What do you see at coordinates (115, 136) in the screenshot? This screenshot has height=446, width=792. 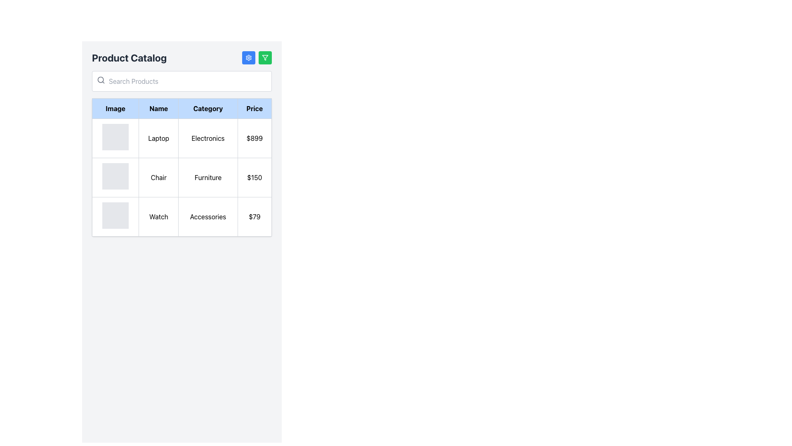 I see `the static visual placeholder block with a light gray background located in the first row under the 'Image' column of the 'Product Catalog' table` at bounding box center [115, 136].